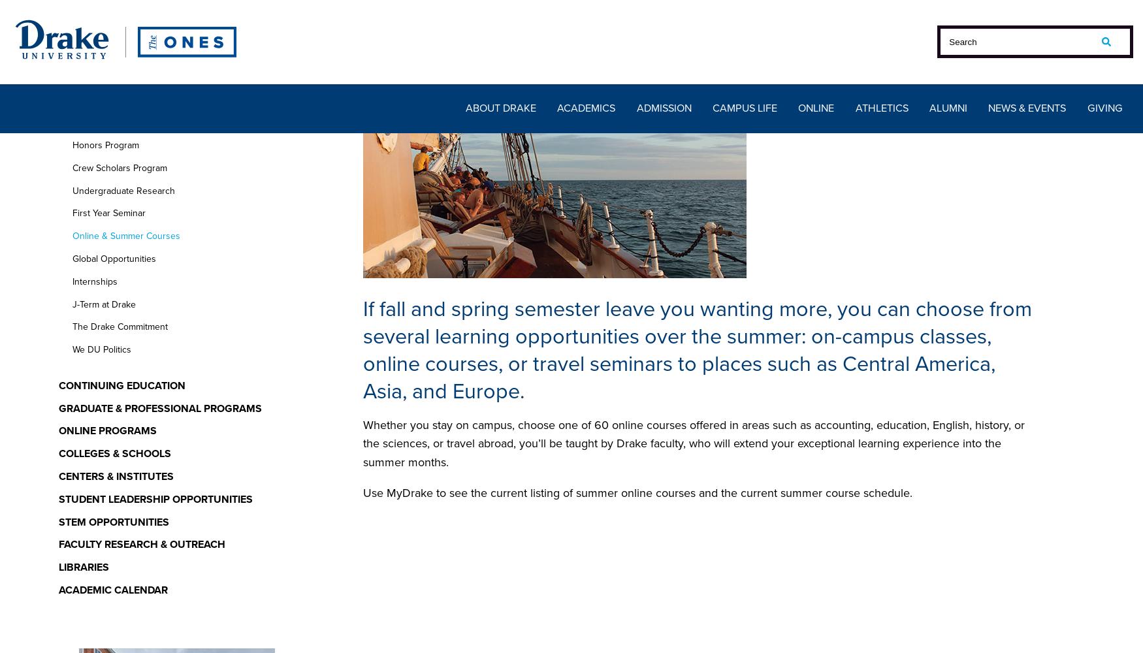 This screenshot has height=653, width=1143. I want to click on 'The Drake Commitment', so click(119, 326).